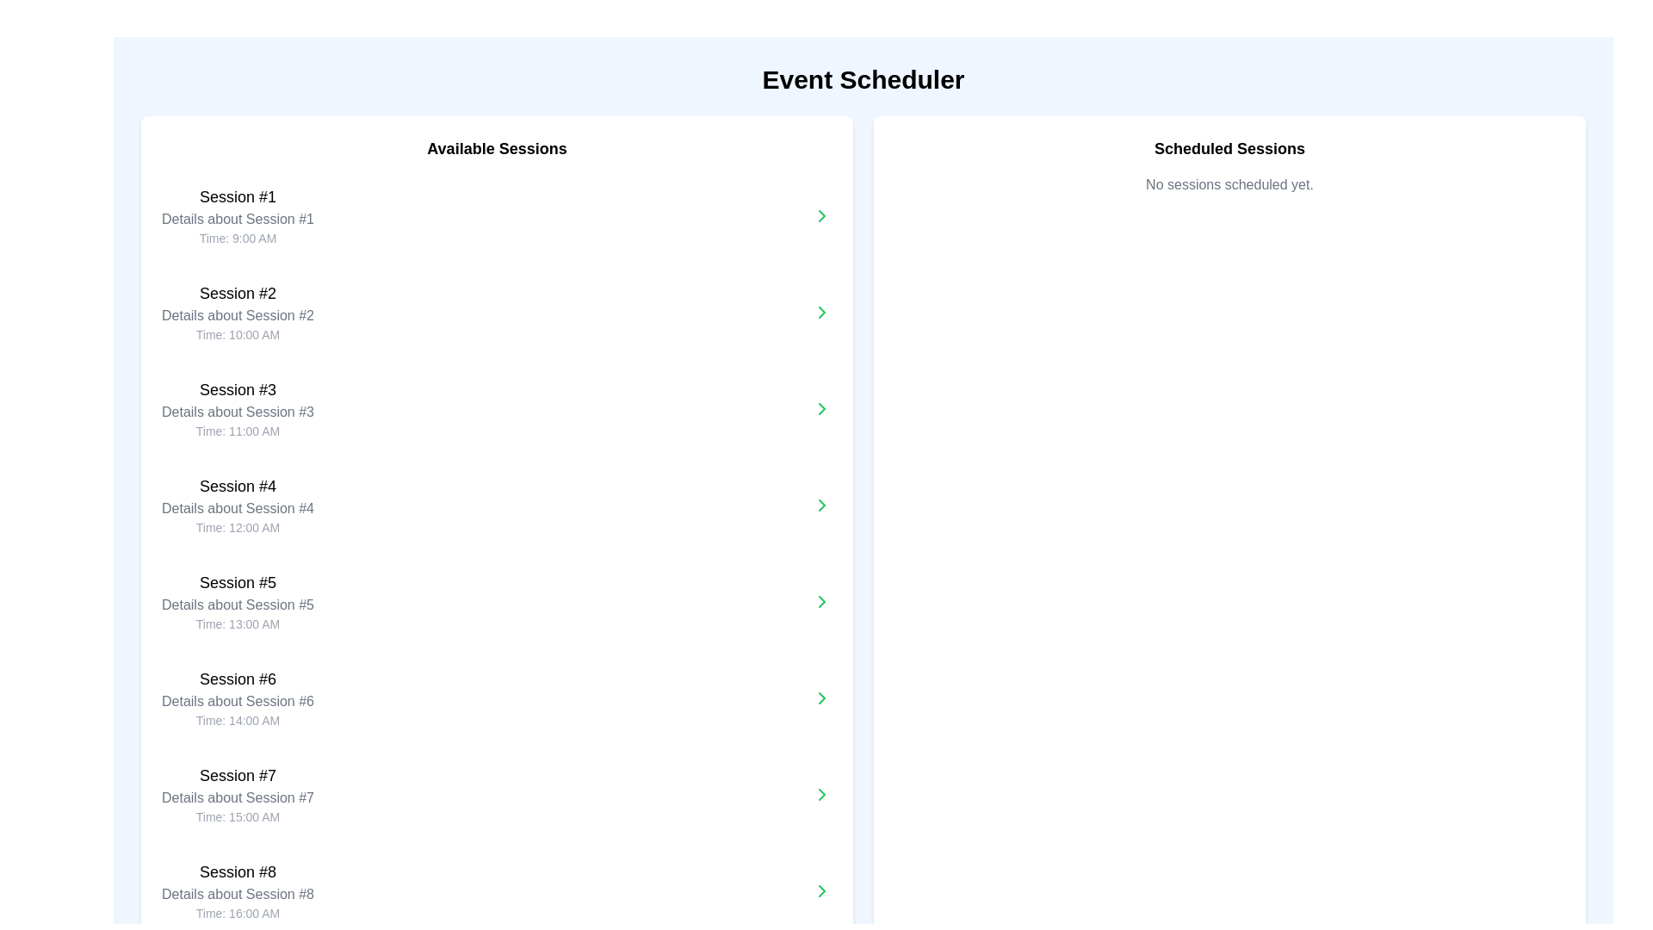  Describe the element at coordinates (237, 582) in the screenshot. I see `the text label displaying 'Session #5', which is positioned in the left column titled 'Available Sessions' and is the fifth session label in the list` at that location.